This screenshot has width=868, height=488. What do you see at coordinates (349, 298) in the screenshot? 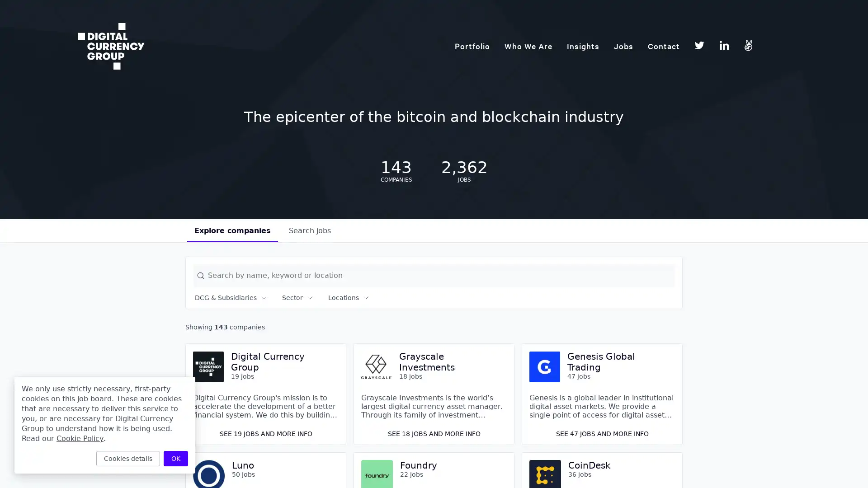
I see `Locations` at bounding box center [349, 298].